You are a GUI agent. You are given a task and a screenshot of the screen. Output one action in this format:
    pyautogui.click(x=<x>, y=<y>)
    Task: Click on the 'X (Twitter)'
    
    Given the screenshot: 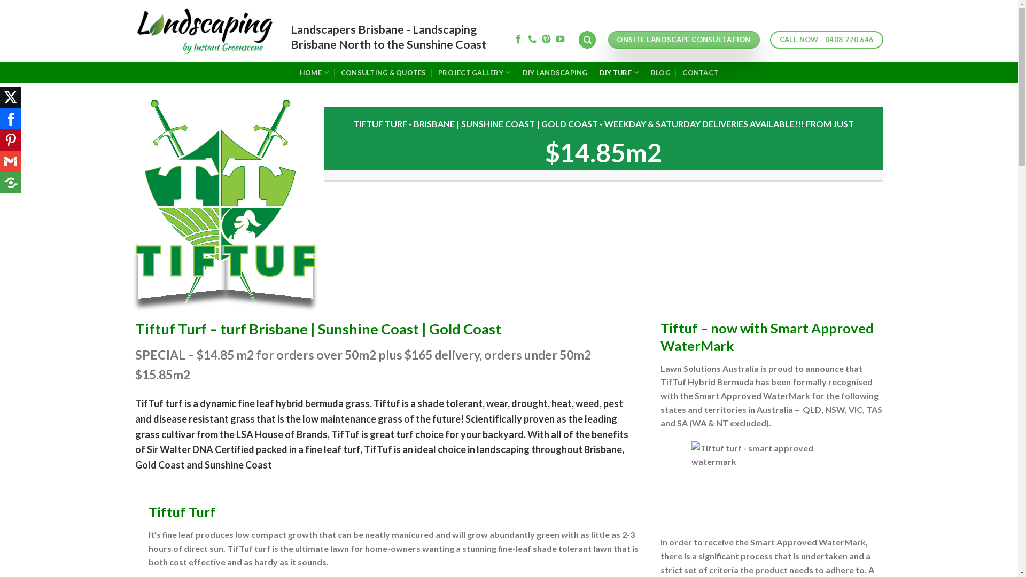 What is the action you would take?
    pyautogui.click(x=10, y=97)
    